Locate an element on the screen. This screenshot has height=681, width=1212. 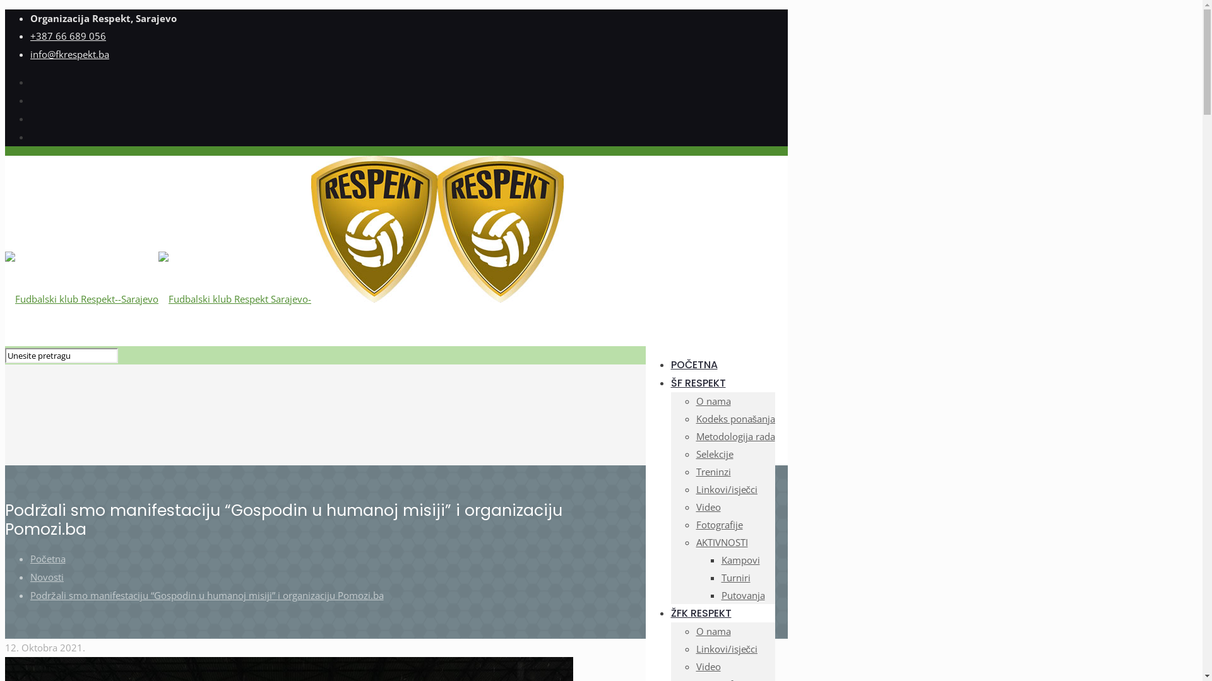
'Fotografije' is located at coordinates (718, 525).